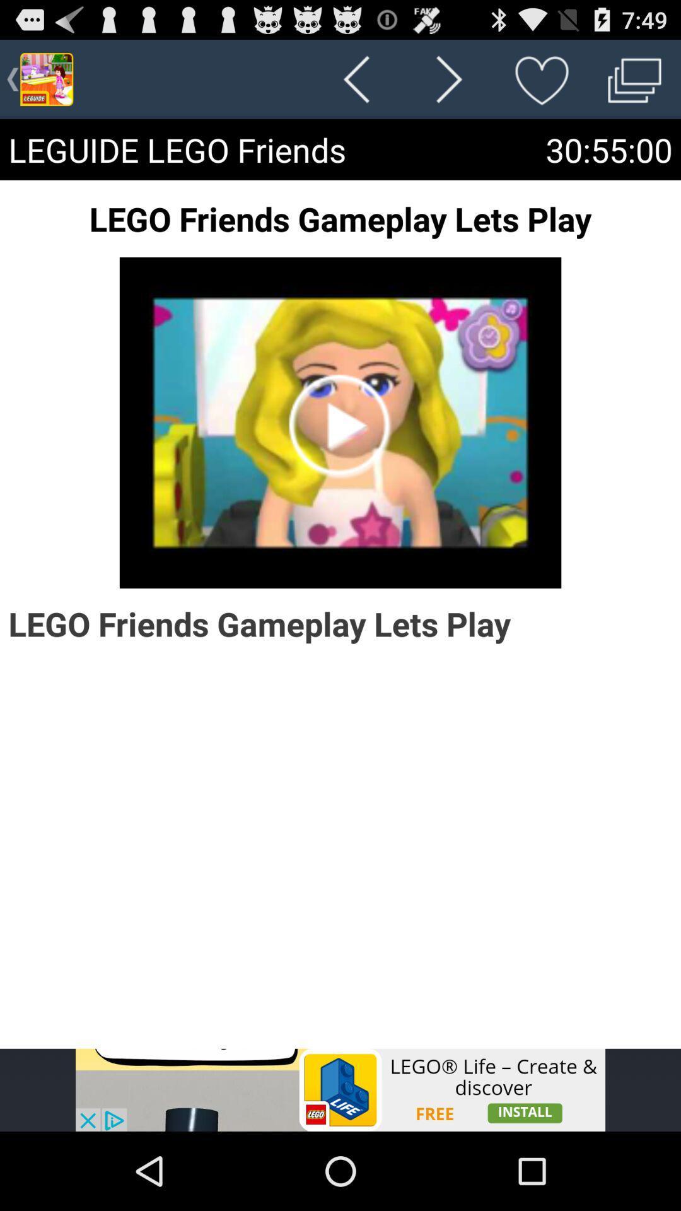  What do you see at coordinates (340, 1089) in the screenshot?
I see `an advertisement` at bounding box center [340, 1089].